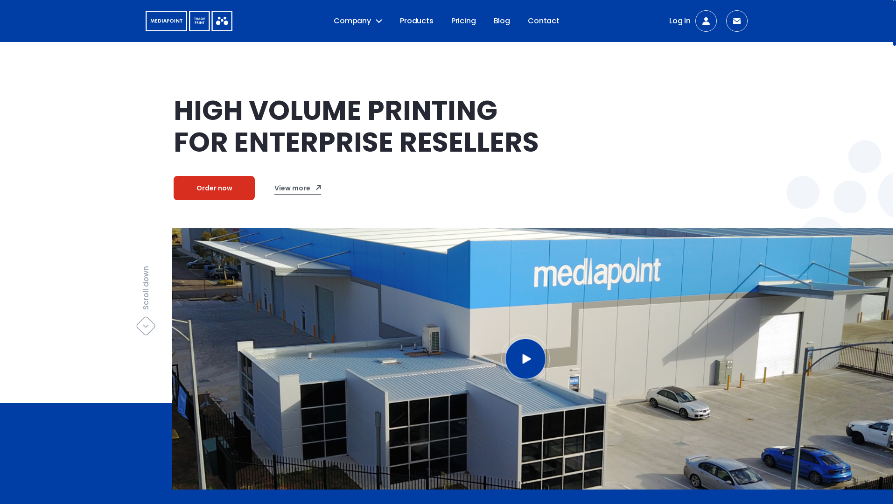 Image resolution: width=896 pixels, height=504 pixels. I want to click on 'Blog', so click(501, 21).